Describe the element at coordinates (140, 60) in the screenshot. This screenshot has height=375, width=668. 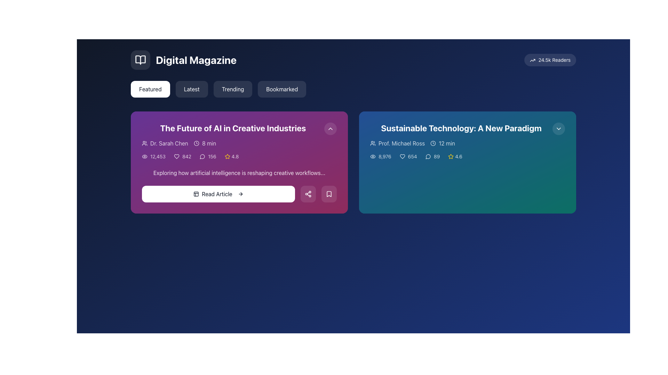
I see `the open book icon located in the upper-left corner of the interface, adjacent to the 'Digital Magazine' title` at that location.